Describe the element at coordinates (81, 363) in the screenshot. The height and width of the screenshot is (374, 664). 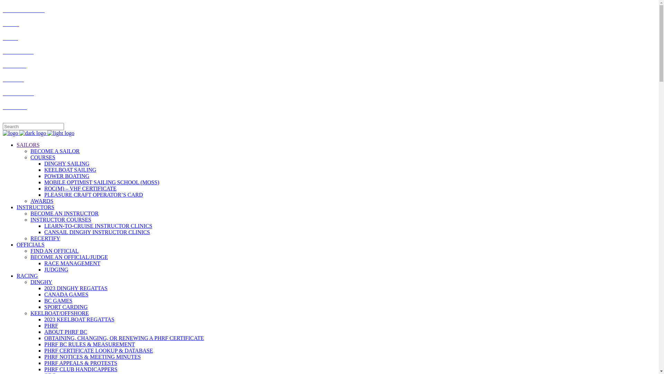
I see `'PHRF APPEALS & PROTESTS'` at that location.